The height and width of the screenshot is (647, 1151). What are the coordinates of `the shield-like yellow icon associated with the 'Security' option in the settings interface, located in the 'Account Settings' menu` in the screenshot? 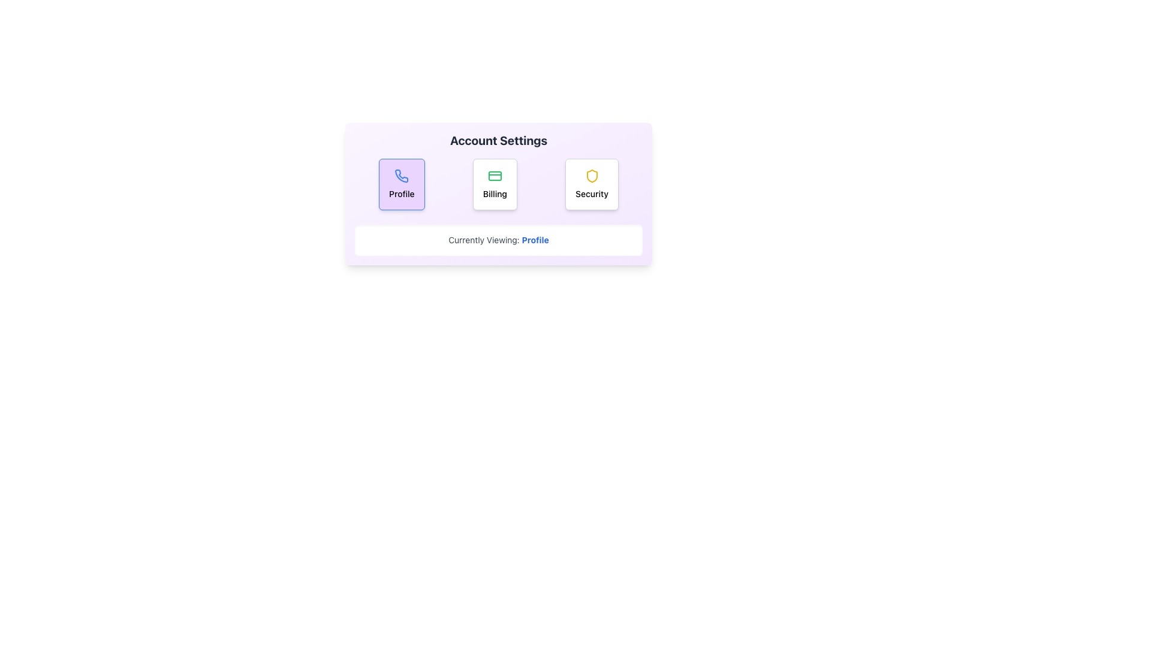 It's located at (592, 176).